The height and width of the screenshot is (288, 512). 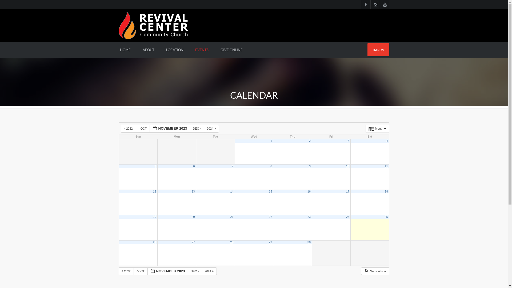 I want to click on 'DEC', so click(x=190, y=129).